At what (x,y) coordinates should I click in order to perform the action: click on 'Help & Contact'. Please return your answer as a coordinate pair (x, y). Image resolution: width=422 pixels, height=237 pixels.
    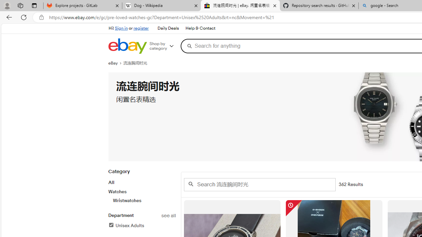
    Looking at the image, I should click on (199, 28).